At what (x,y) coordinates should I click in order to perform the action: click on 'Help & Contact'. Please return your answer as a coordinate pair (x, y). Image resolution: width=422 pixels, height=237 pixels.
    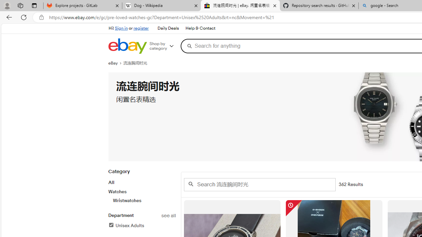
    Looking at the image, I should click on (199, 28).